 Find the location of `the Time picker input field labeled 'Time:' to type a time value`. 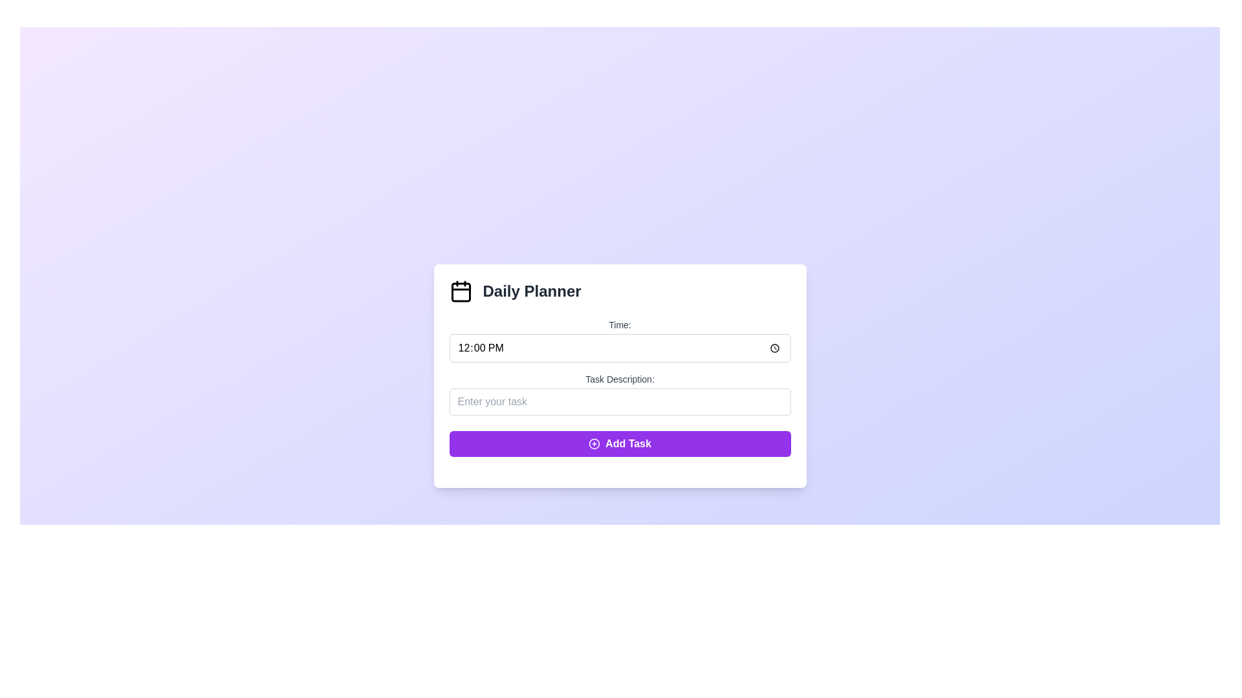

the Time picker input field labeled 'Time:' to type a time value is located at coordinates (619, 348).